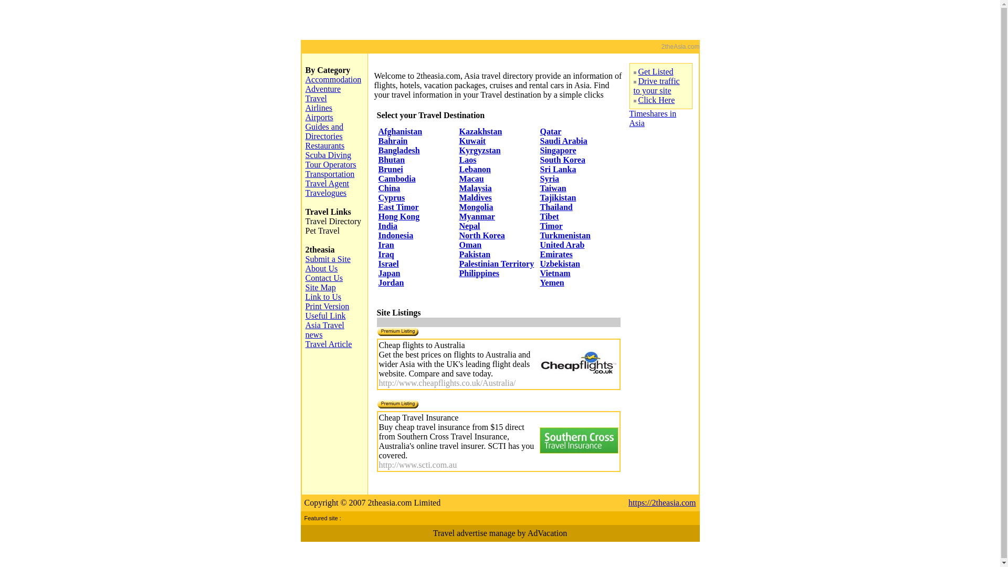 The width and height of the screenshot is (1008, 567). Describe the element at coordinates (539, 282) in the screenshot. I see `'Yemen'` at that location.